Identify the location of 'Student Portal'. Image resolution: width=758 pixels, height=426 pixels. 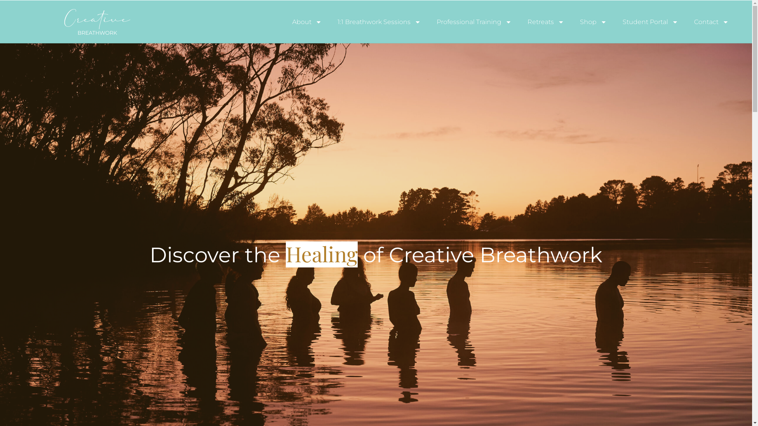
(650, 21).